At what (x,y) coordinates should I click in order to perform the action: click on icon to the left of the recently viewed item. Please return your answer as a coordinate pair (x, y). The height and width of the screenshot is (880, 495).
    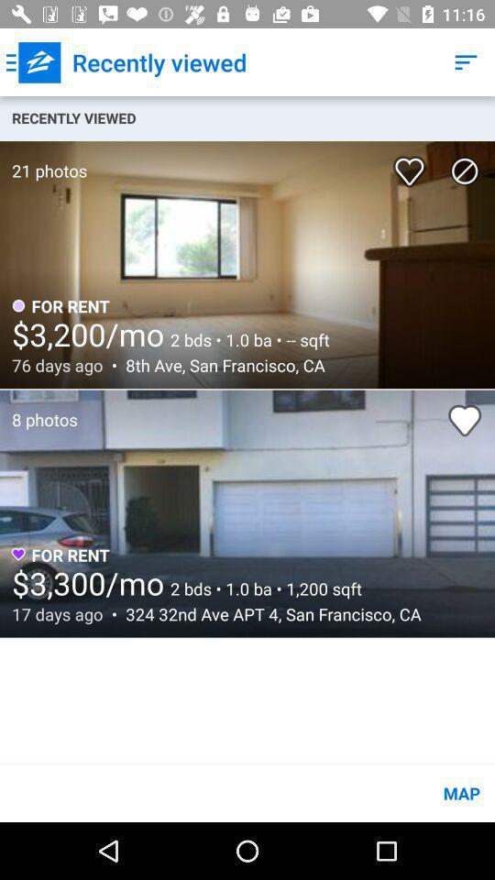
    Looking at the image, I should click on (33, 62).